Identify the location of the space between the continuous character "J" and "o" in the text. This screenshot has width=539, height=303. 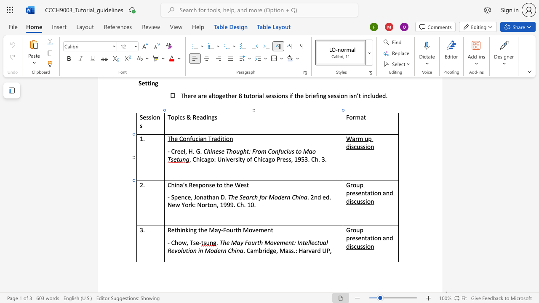
(196, 197).